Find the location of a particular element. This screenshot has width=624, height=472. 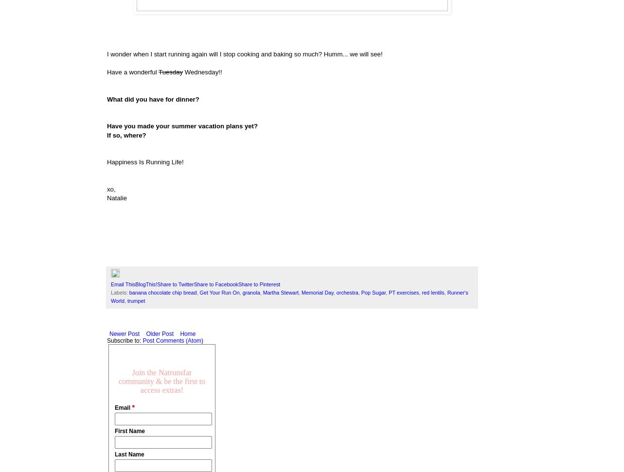

'Pop Sugar' is located at coordinates (373, 292).